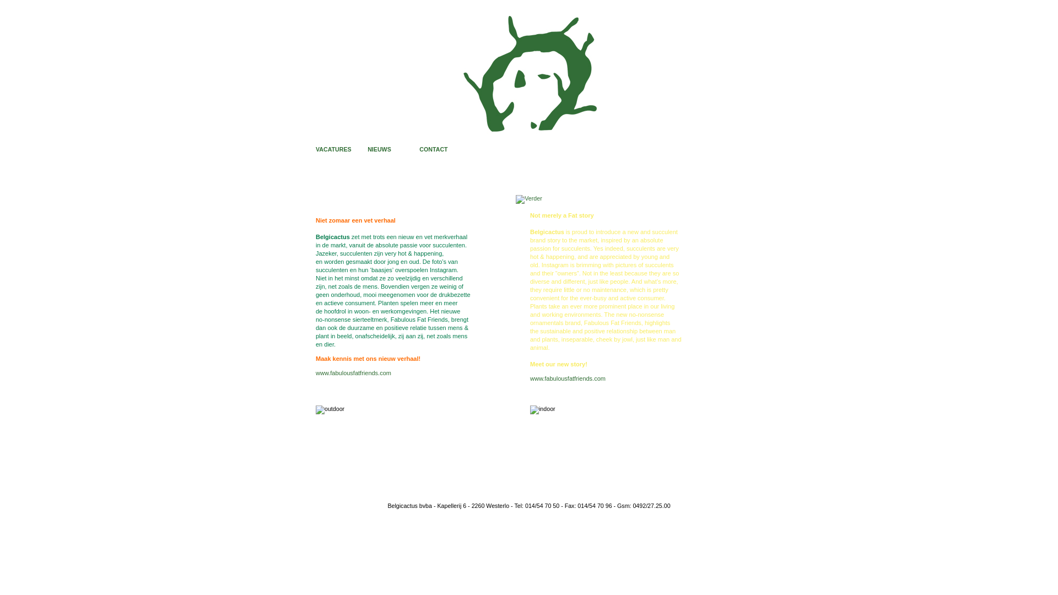 Image resolution: width=1058 pixels, height=595 pixels. What do you see at coordinates (568, 377) in the screenshot?
I see `'www.fabulousfatfriends.com'` at bounding box center [568, 377].